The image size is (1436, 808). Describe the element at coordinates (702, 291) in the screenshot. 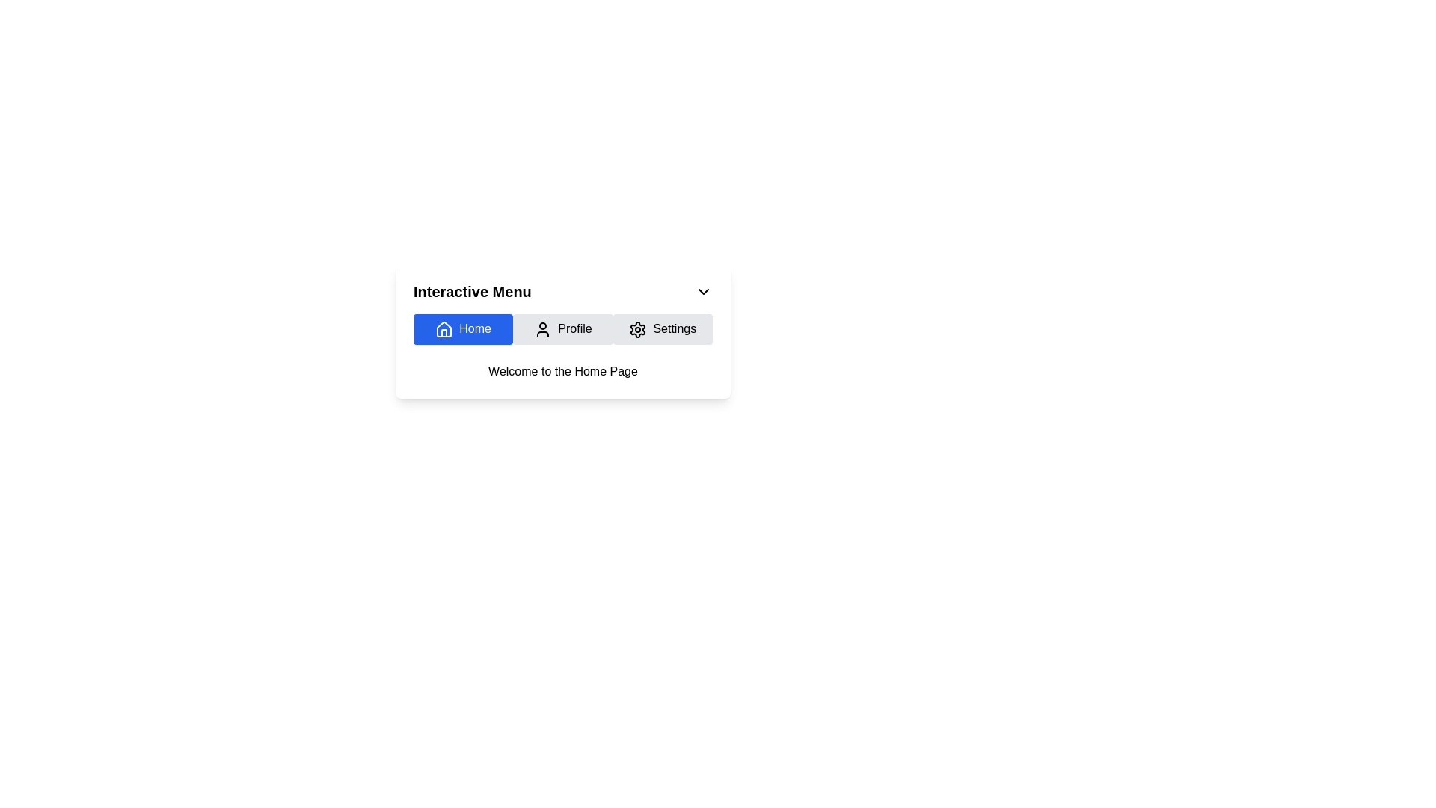

I see `the Dropdown indicator icon located at the far-right side of the 'Interactive Menu' header` at that location.